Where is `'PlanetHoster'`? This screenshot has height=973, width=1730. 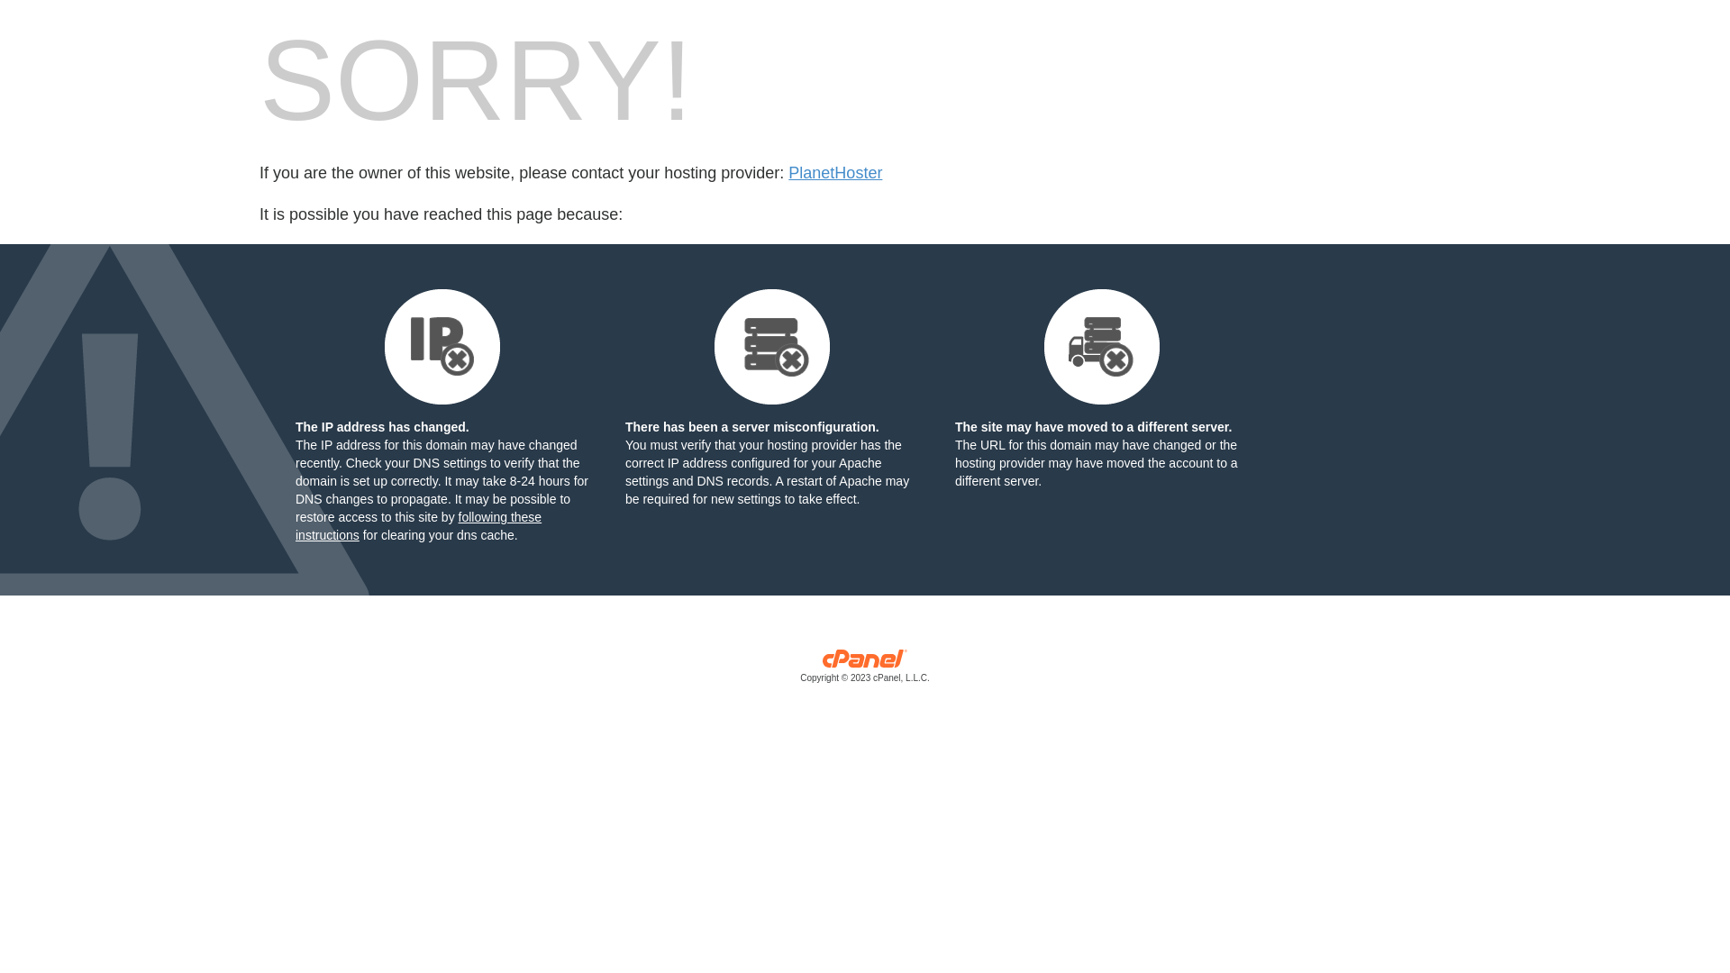 'PlanetHoster' is located at coordinates (788, 173).